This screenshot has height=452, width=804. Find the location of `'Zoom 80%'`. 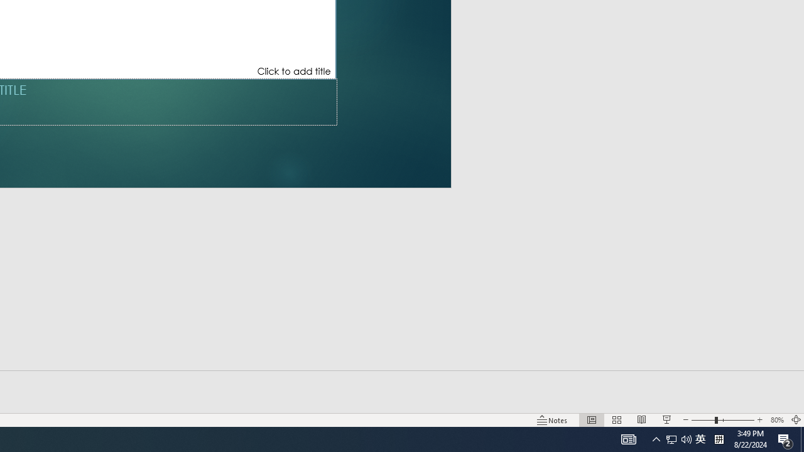

'Zoom 80%' is located at coordinates (776, 420).